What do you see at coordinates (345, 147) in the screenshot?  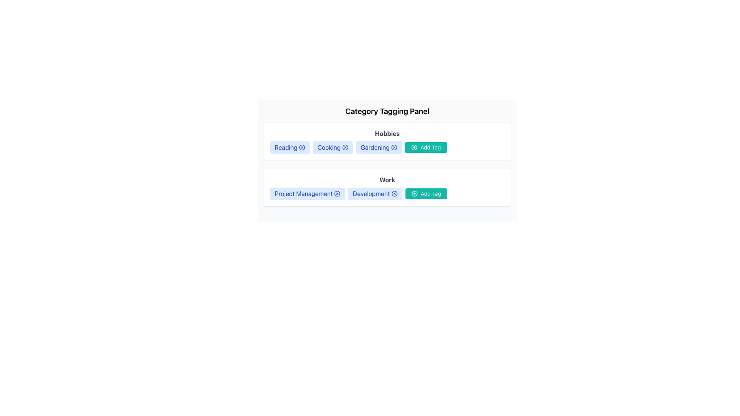 I see `the circular 'X' icon located to the right of the 'Cooking' text within the 'Cooking' tag of the 'Hobbies' section in the 'Category Tagging Panel'` at bounding box center [345, 147].